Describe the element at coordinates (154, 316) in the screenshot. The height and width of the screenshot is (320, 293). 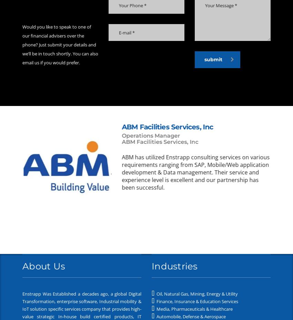
I see `'Automobile, Defense & Aerospace'` at that location.